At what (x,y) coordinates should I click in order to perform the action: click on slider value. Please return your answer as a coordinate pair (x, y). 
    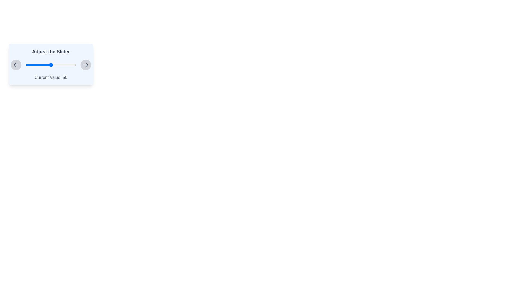
    Looking at the image, I should click on (30, 65).